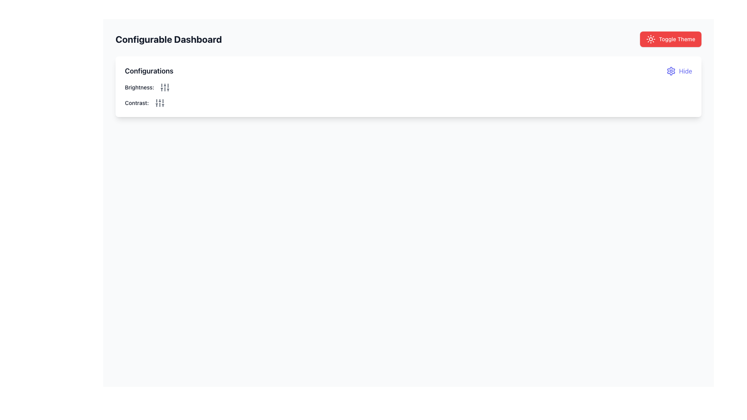 Image resolution: width=747 pixels, height=420 pixels. Describe the element at coordinates (165, 87) in the screenshot. I see `the brightness adjustment icon located to the right of the 'Brightness:' text in the configuration panel` at that location.